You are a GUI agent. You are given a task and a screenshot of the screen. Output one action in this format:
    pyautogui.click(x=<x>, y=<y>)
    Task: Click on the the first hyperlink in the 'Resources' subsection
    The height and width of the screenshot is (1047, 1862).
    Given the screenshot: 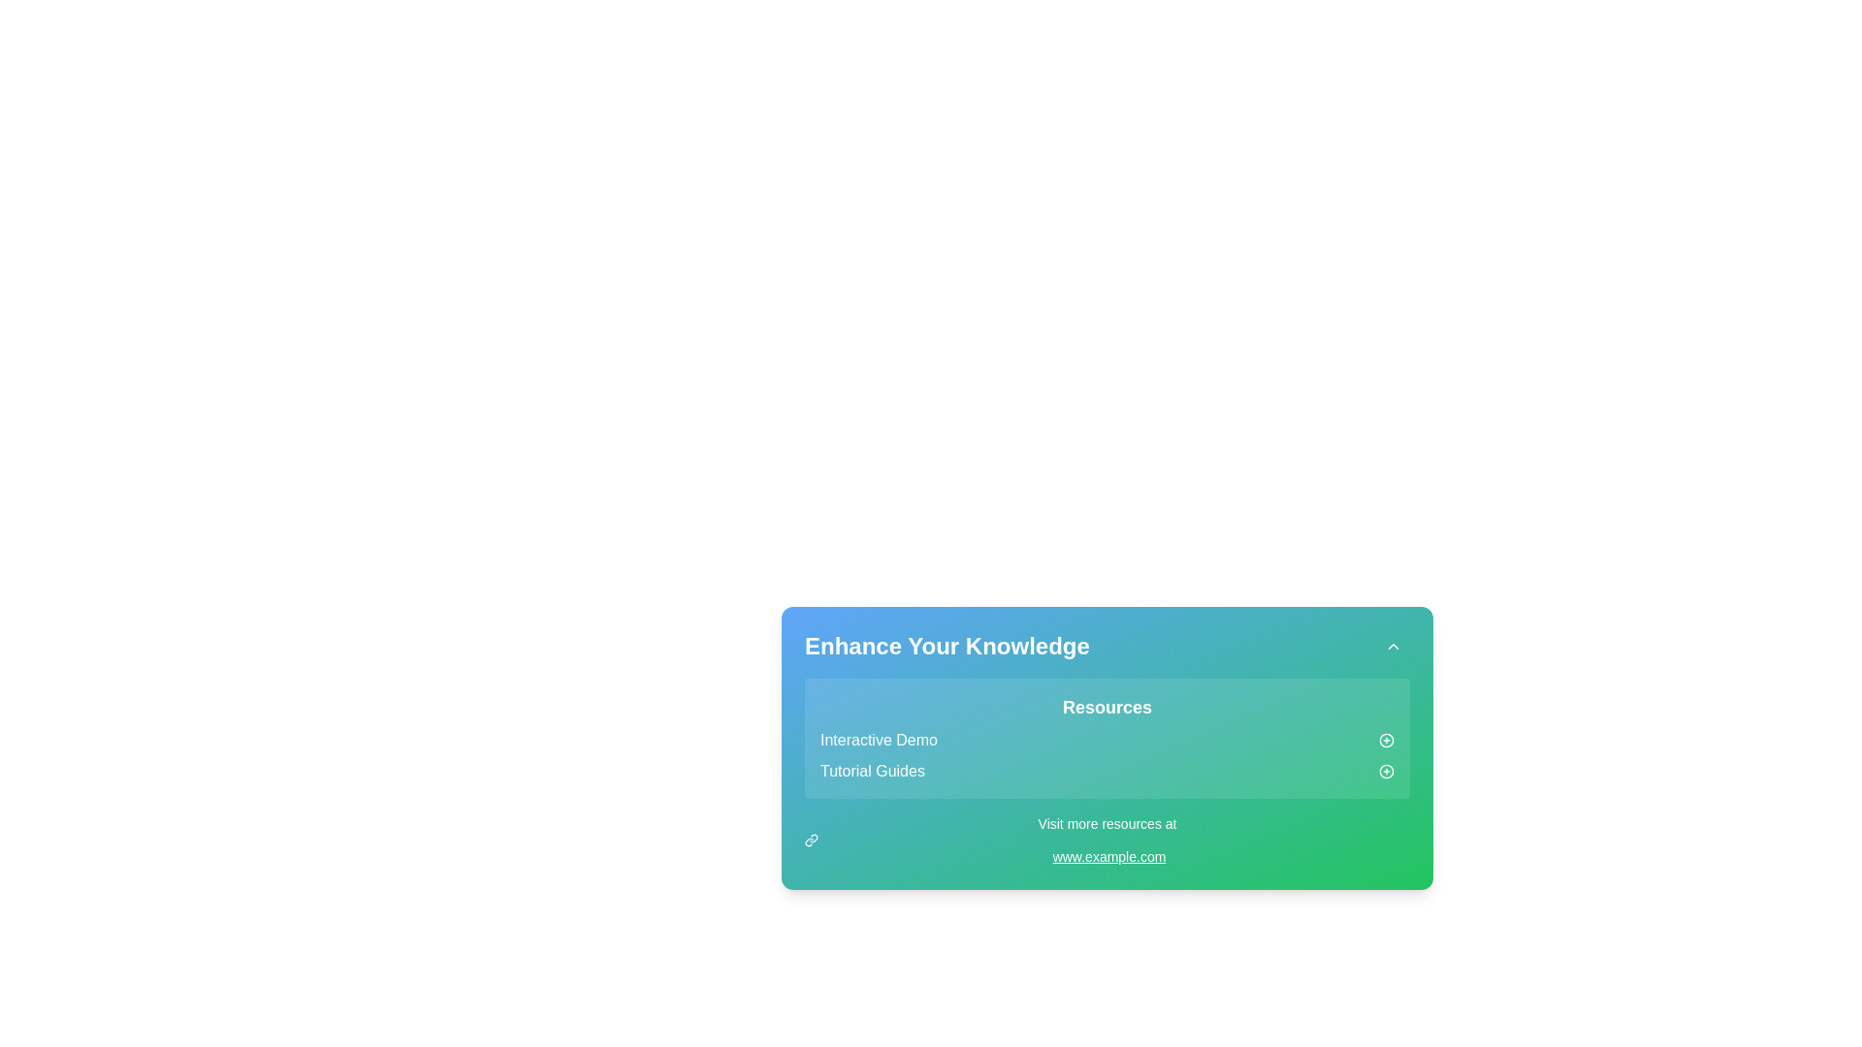 What is the action you would take?
    pyautogui.click(x=878, y=740)
    